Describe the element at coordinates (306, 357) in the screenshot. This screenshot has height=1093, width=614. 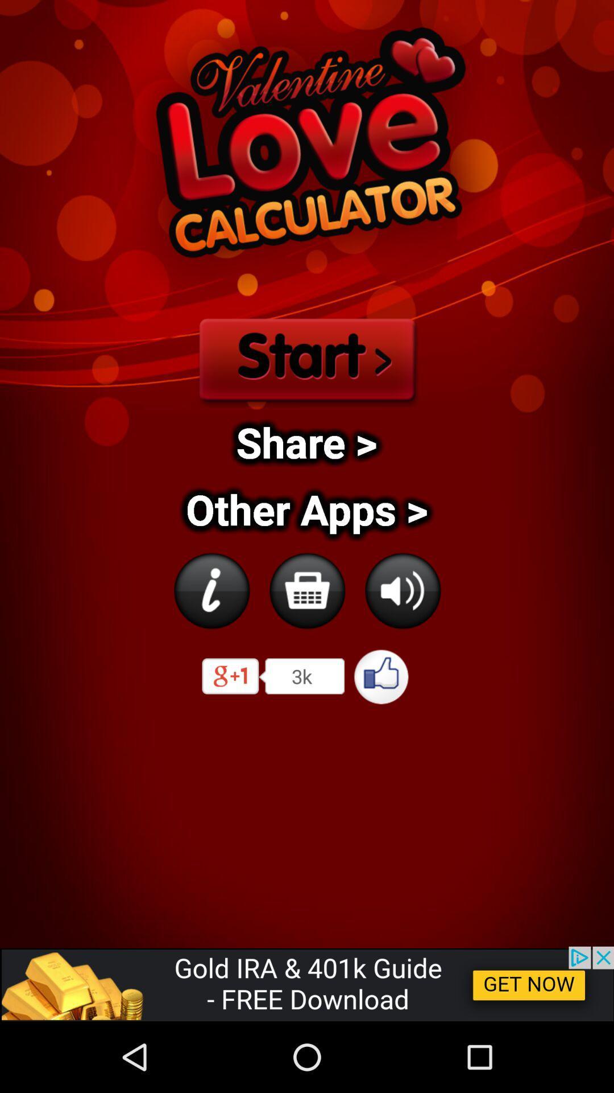
I see `start button` at that location.